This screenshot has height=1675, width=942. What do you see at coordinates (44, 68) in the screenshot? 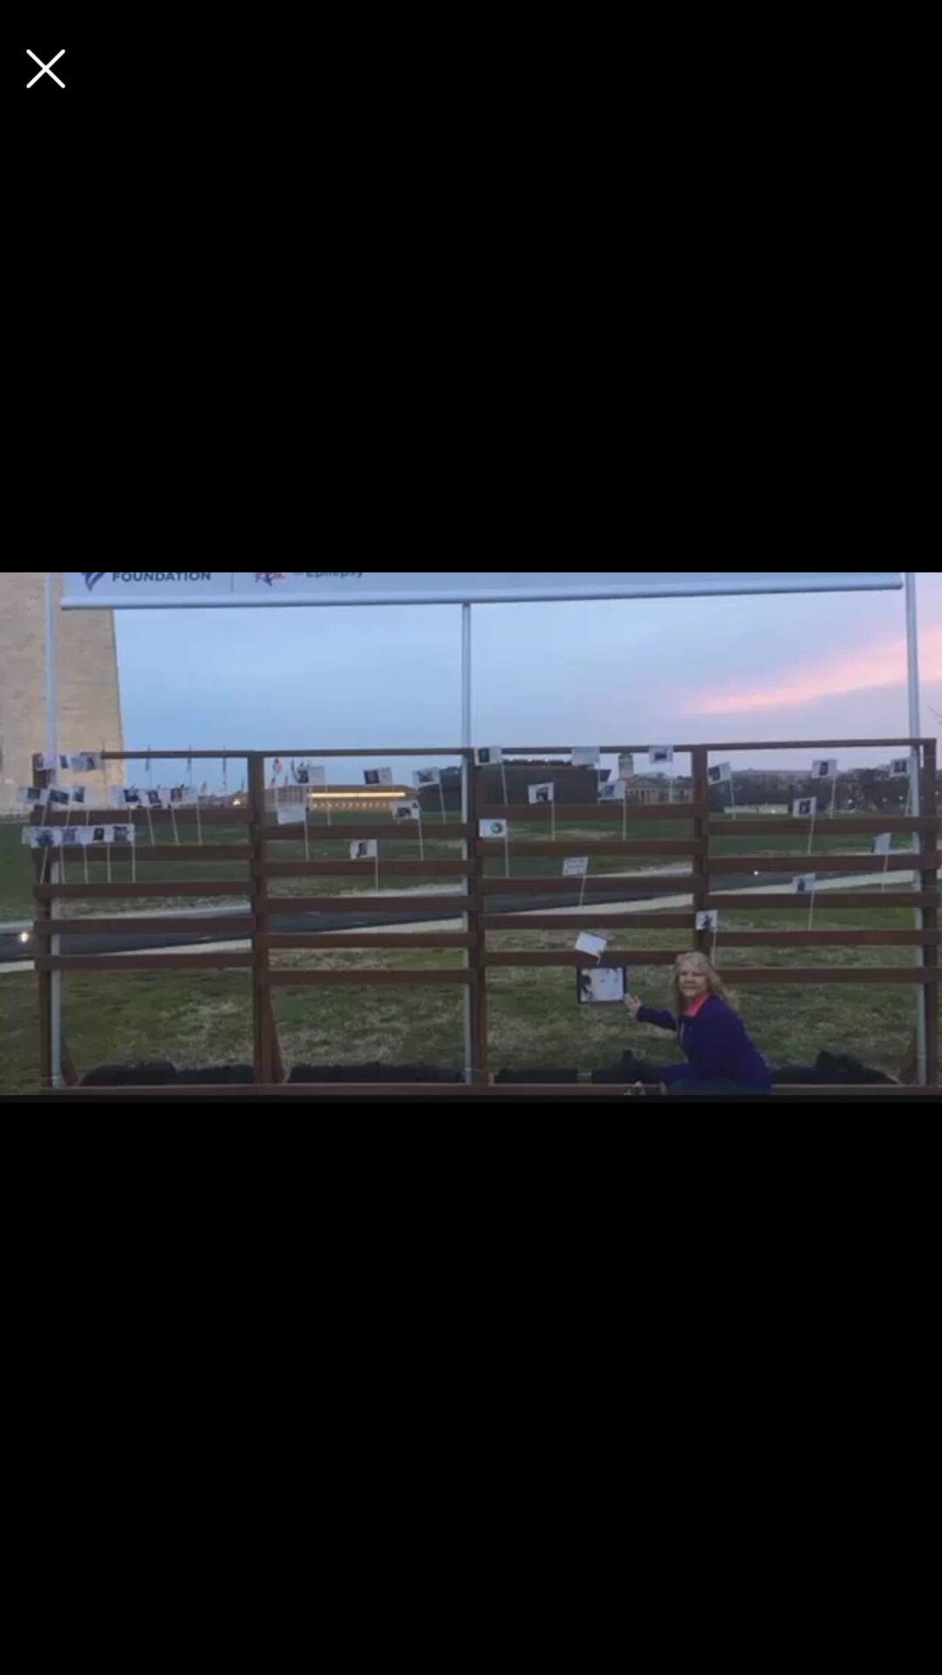
I see `the close icon` at bounding box center [44, 68].